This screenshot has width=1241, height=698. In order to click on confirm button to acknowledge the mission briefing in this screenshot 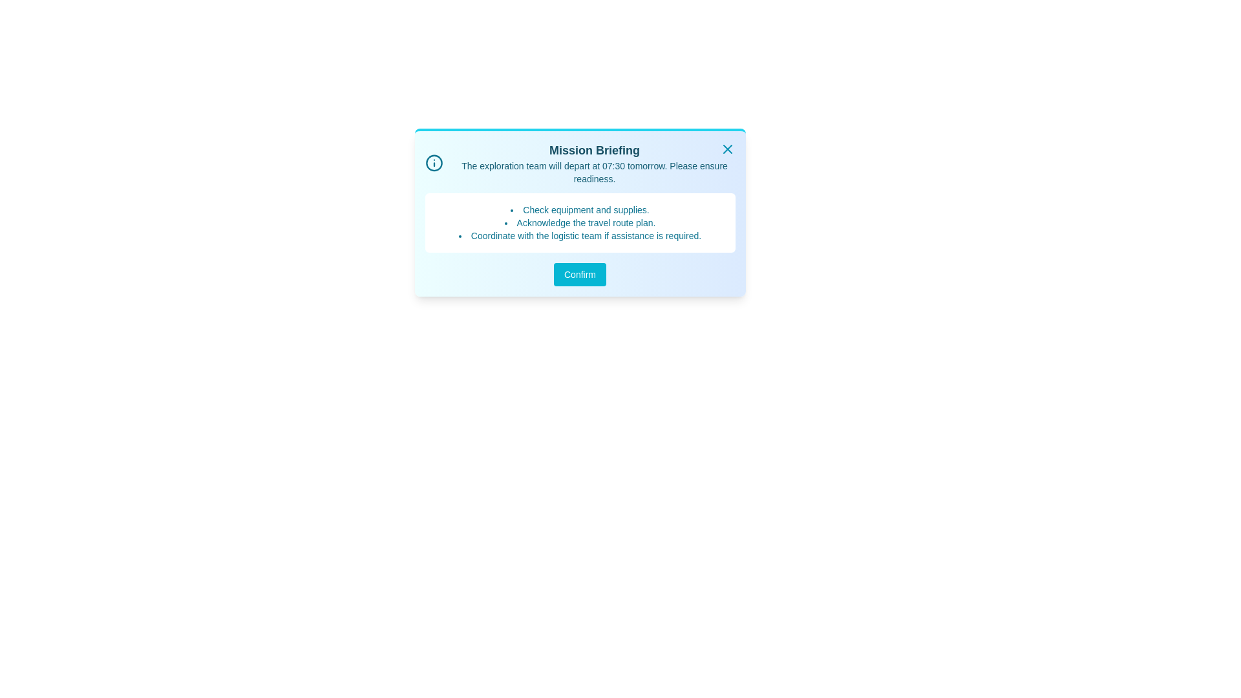, I will do `click(579, 273)`.